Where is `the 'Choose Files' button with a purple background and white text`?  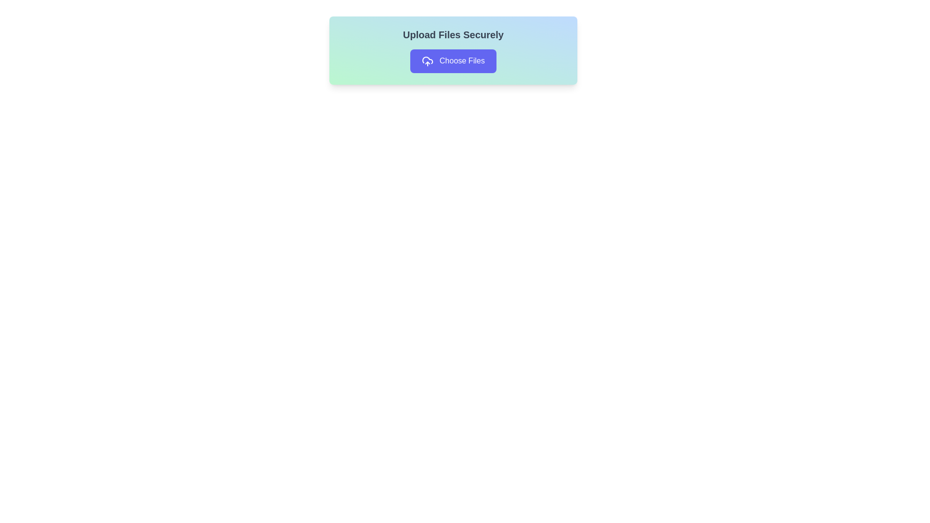 the 'Choose Files' button with a purple background and white text is located at coordinates (453, 61).